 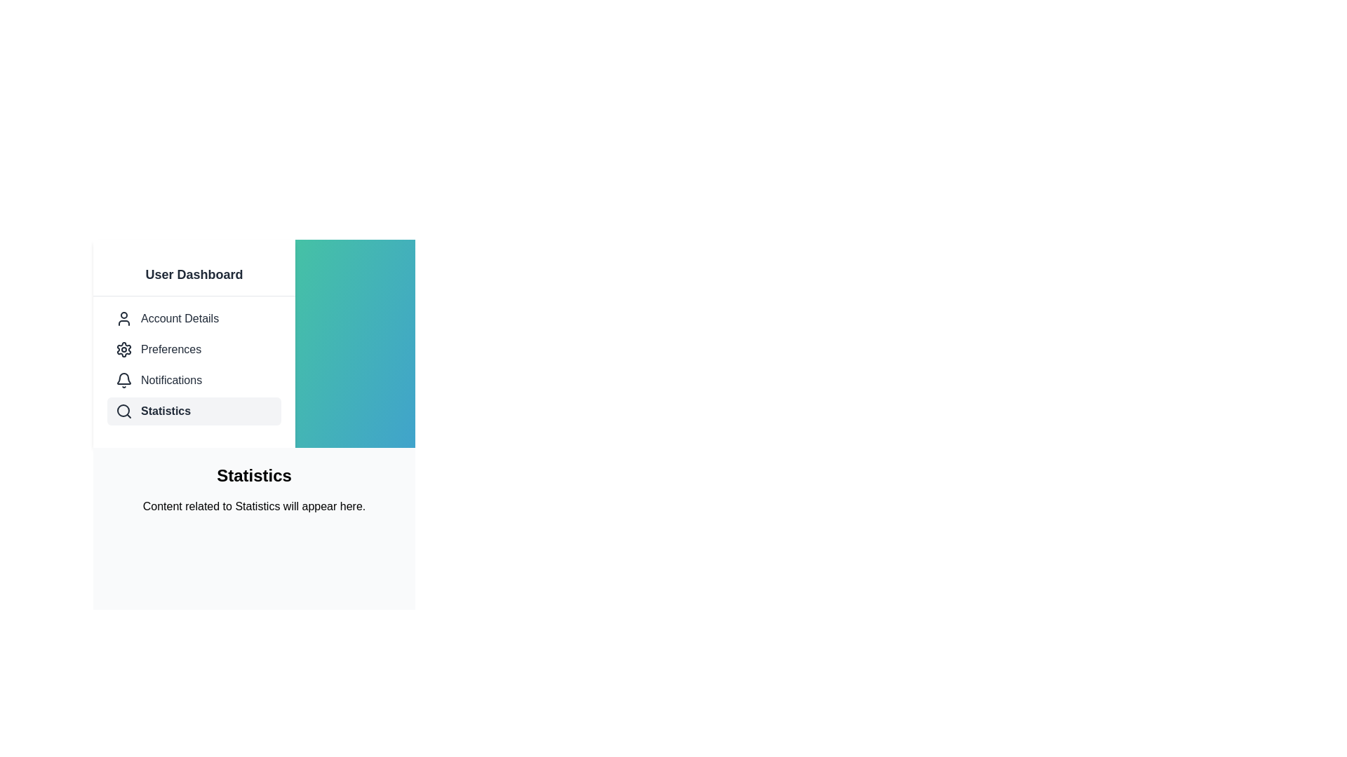 What do you see at coordinates (124, 378) in the screenshot?
I see `the bell-shaped notification icon located in the left sidebar navigation menu, positioned between the 'Preferences' label and 'Statistics' entry` at bounding box center [124, 378].